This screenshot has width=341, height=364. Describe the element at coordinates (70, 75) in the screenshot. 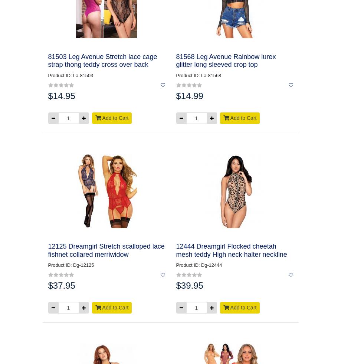

I see `'Product ID: La-81503'` at that location.